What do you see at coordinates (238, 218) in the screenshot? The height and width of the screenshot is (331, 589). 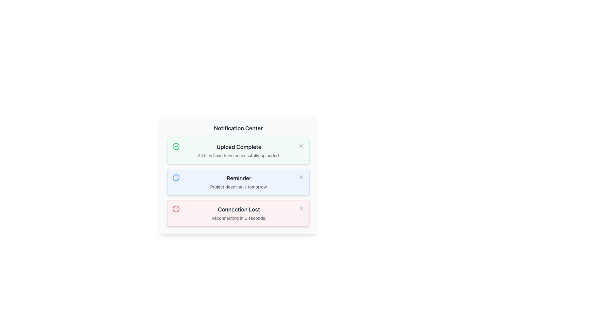 I see `the static text element displaying 'Reconnecting in 5 seconds.' located below the 'Connection Lost' text in the red notification box` at bounding box center [238, 218].